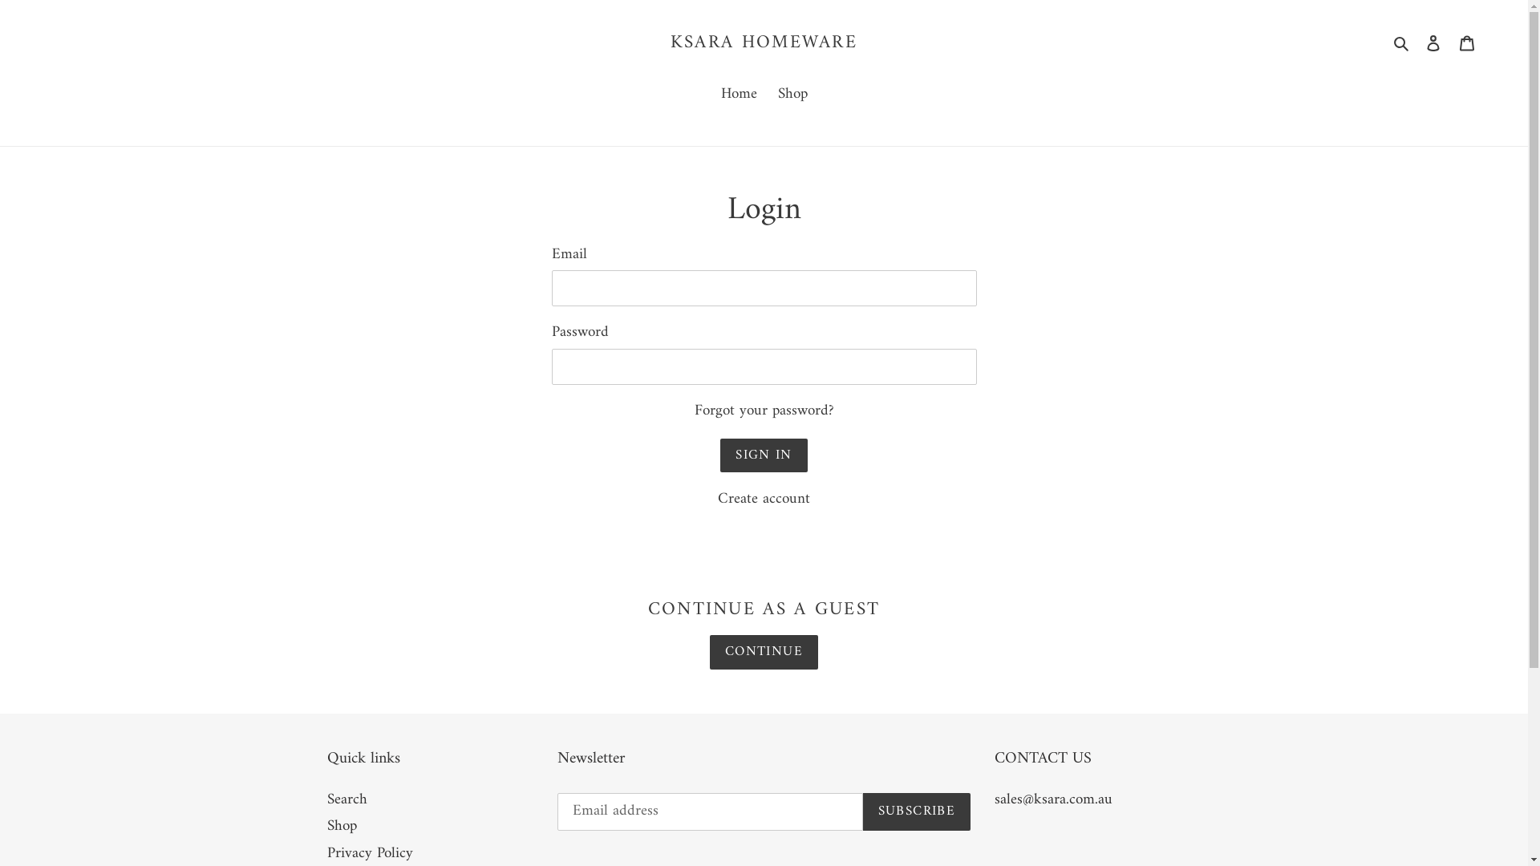 The height and width of the screenshot is (866, 1540). I want to click on 'Sign In', so click(719, 455).